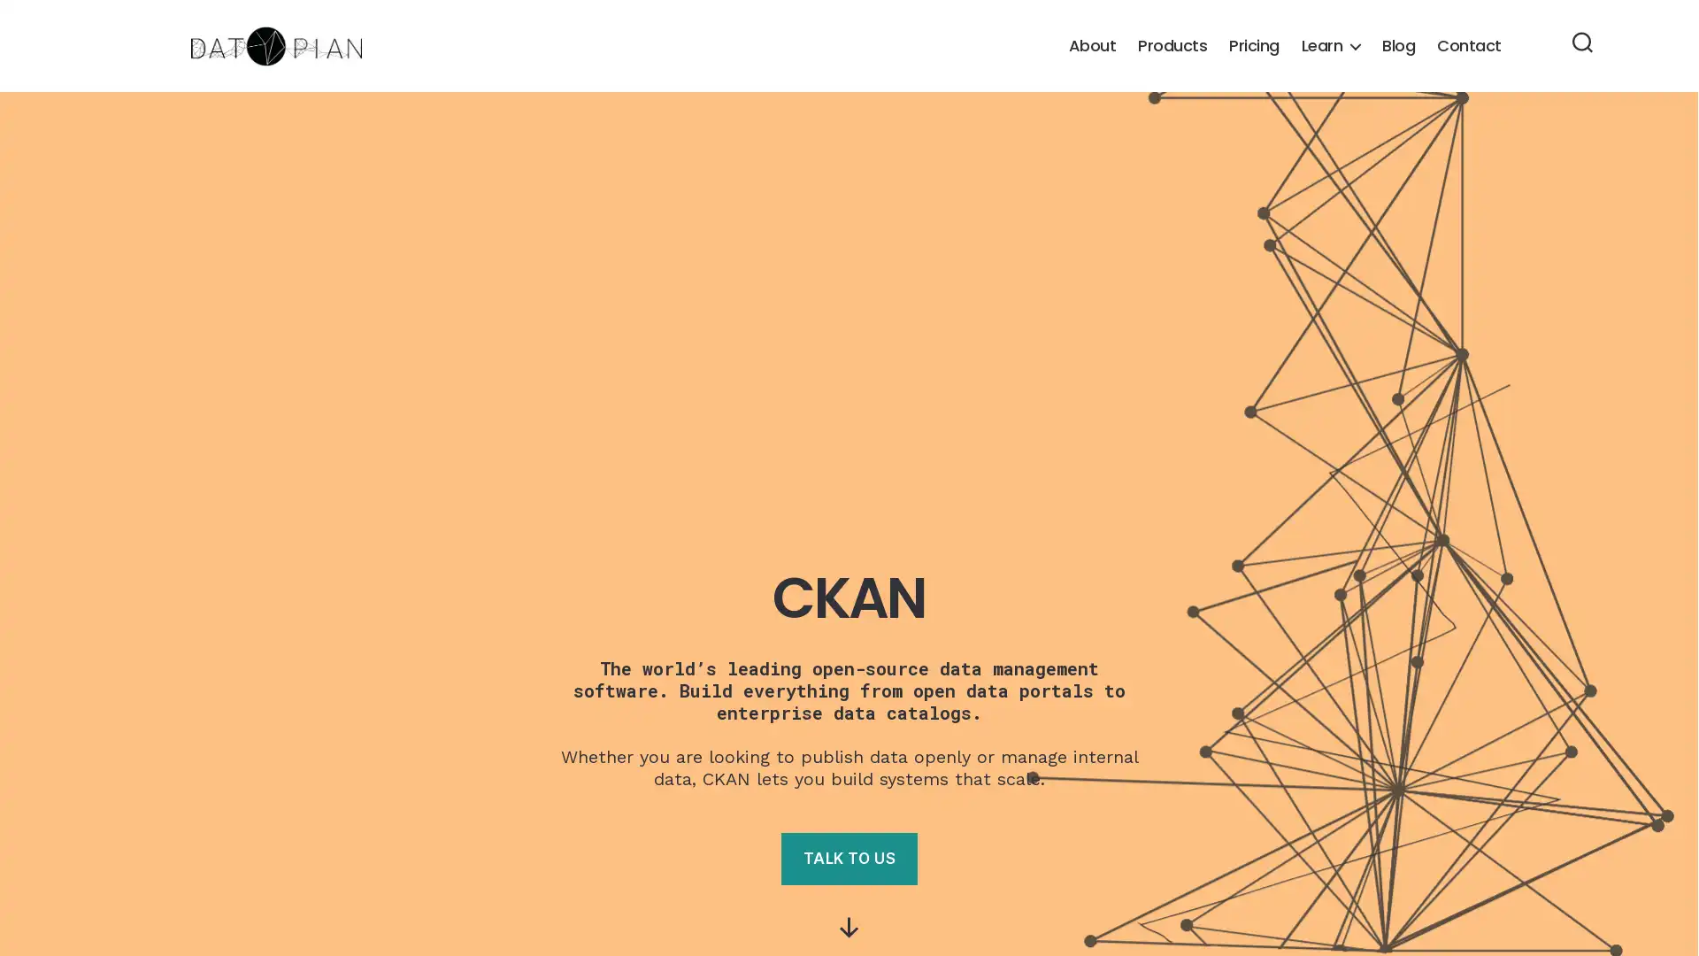  What do you see at coordinates (1582, 43) in the screenshot?
I see `Search` at bounding box center [1582, 43].